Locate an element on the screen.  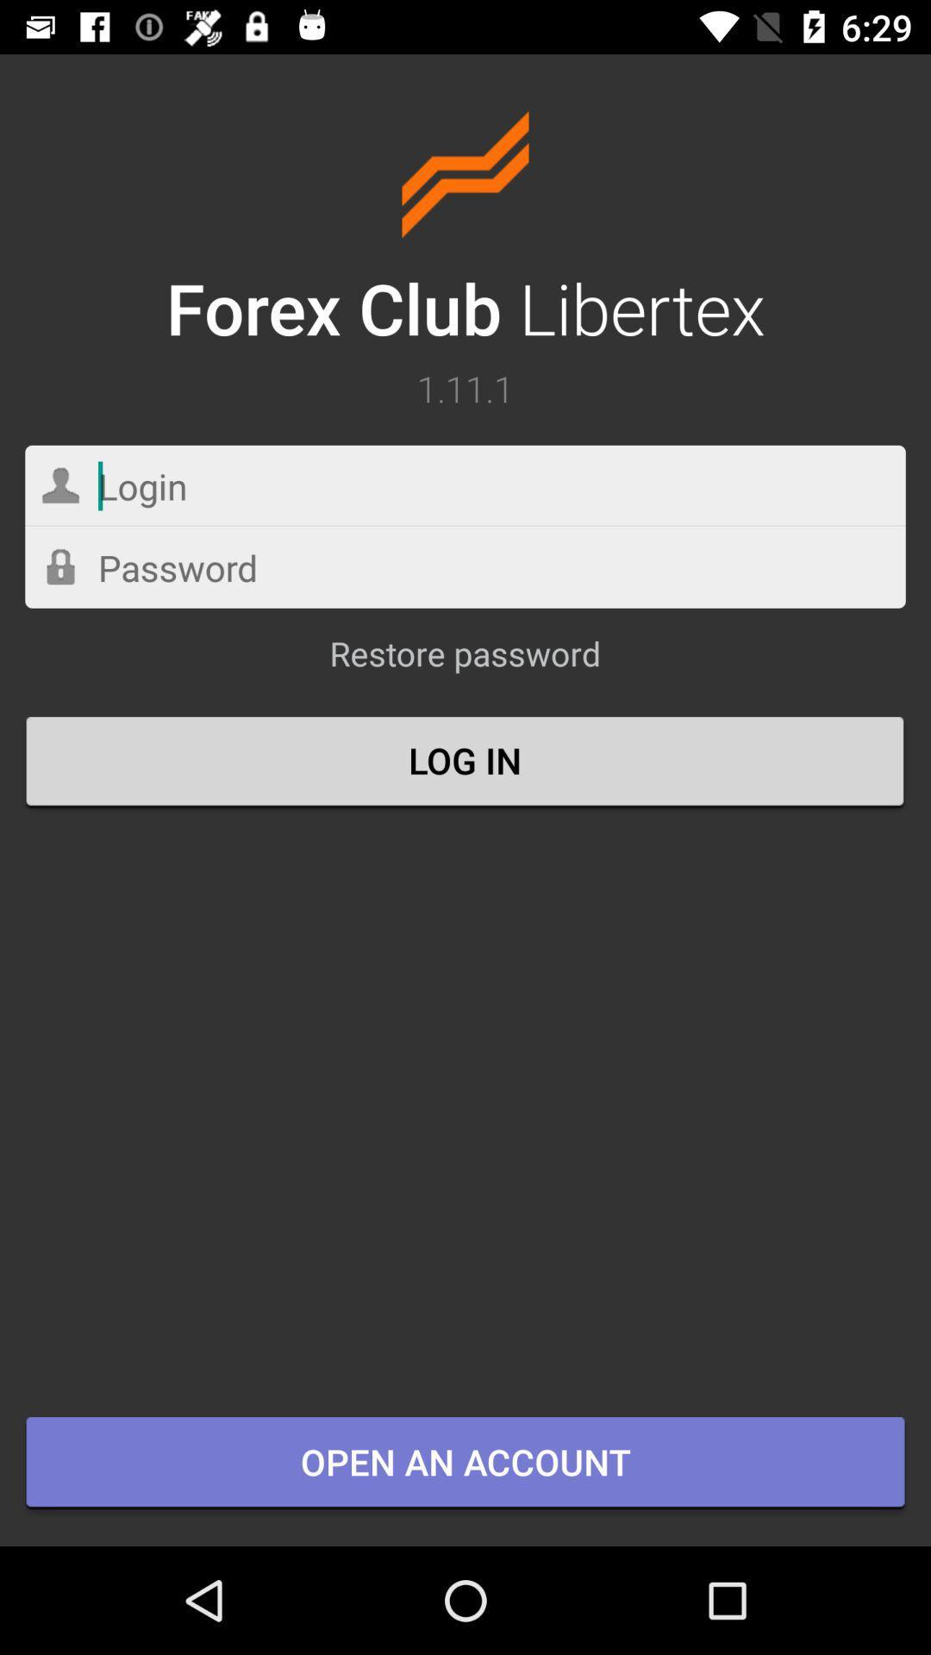
the log in item is located at coordinates (465, 762).